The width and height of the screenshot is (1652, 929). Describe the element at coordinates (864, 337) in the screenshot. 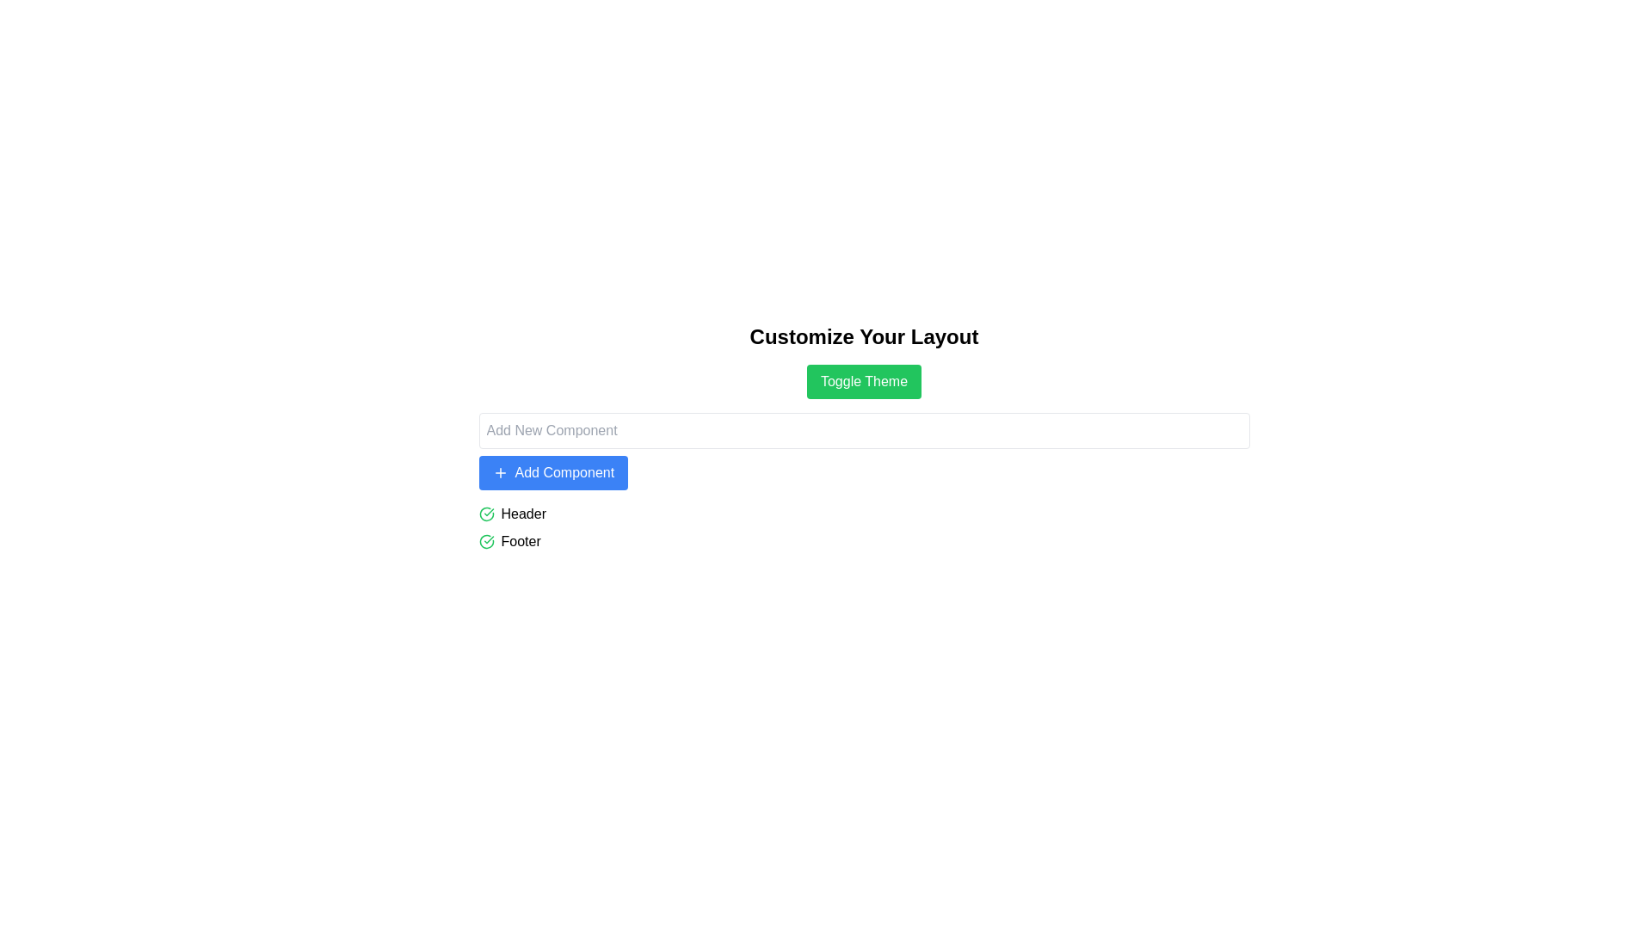

I see `header text that says 'Customize Your Layout', which is a large, bold black font located at the top center of the layout` at that location.